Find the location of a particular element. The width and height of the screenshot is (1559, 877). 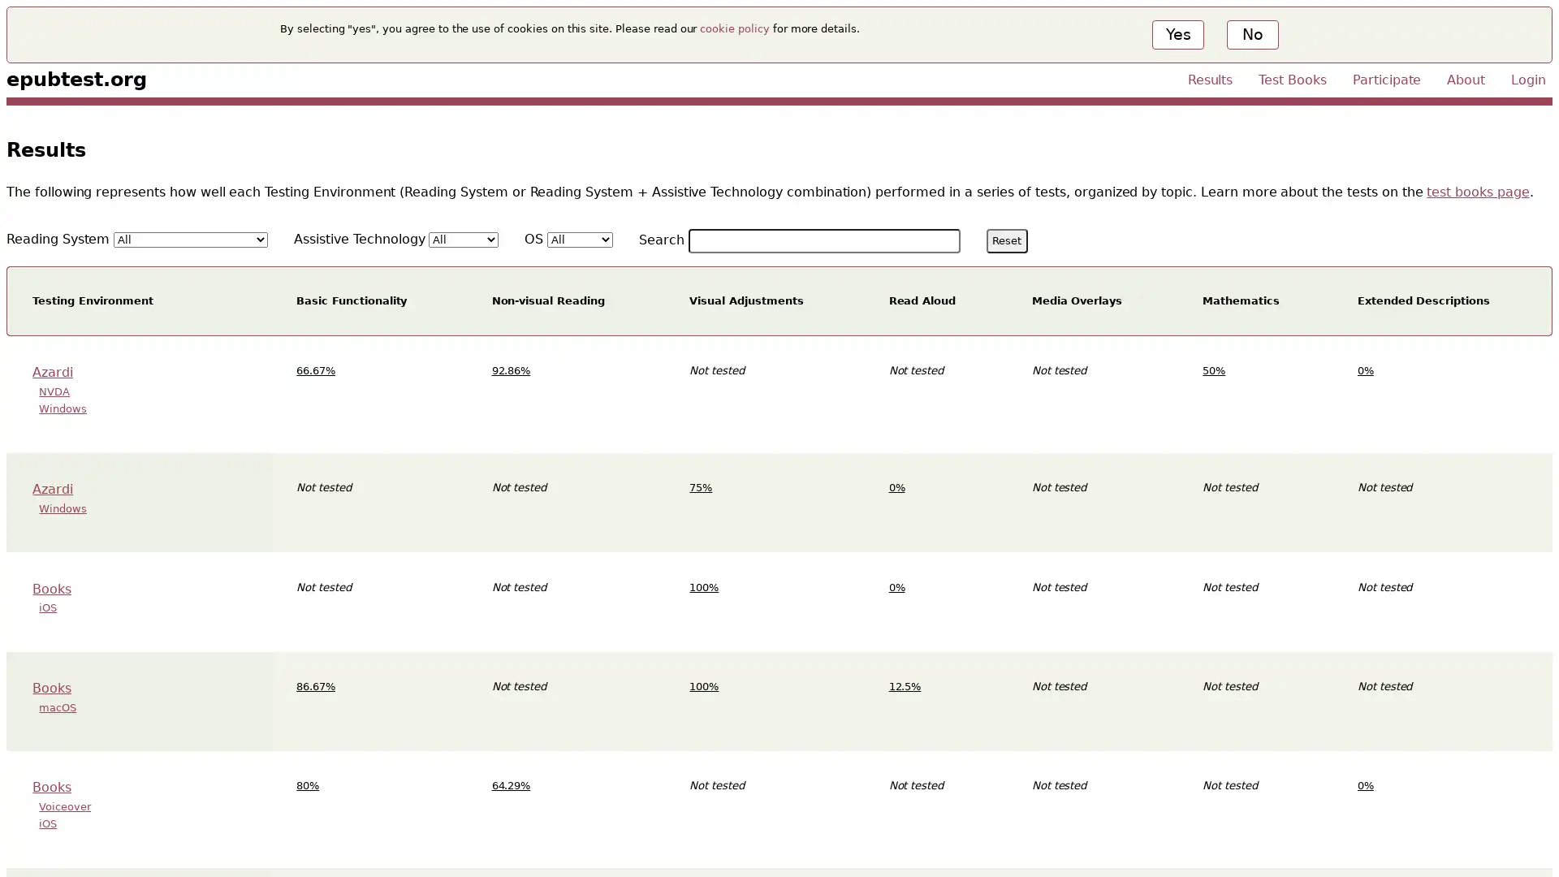

Extended Descriptions is located at coordinates (1422, 300).